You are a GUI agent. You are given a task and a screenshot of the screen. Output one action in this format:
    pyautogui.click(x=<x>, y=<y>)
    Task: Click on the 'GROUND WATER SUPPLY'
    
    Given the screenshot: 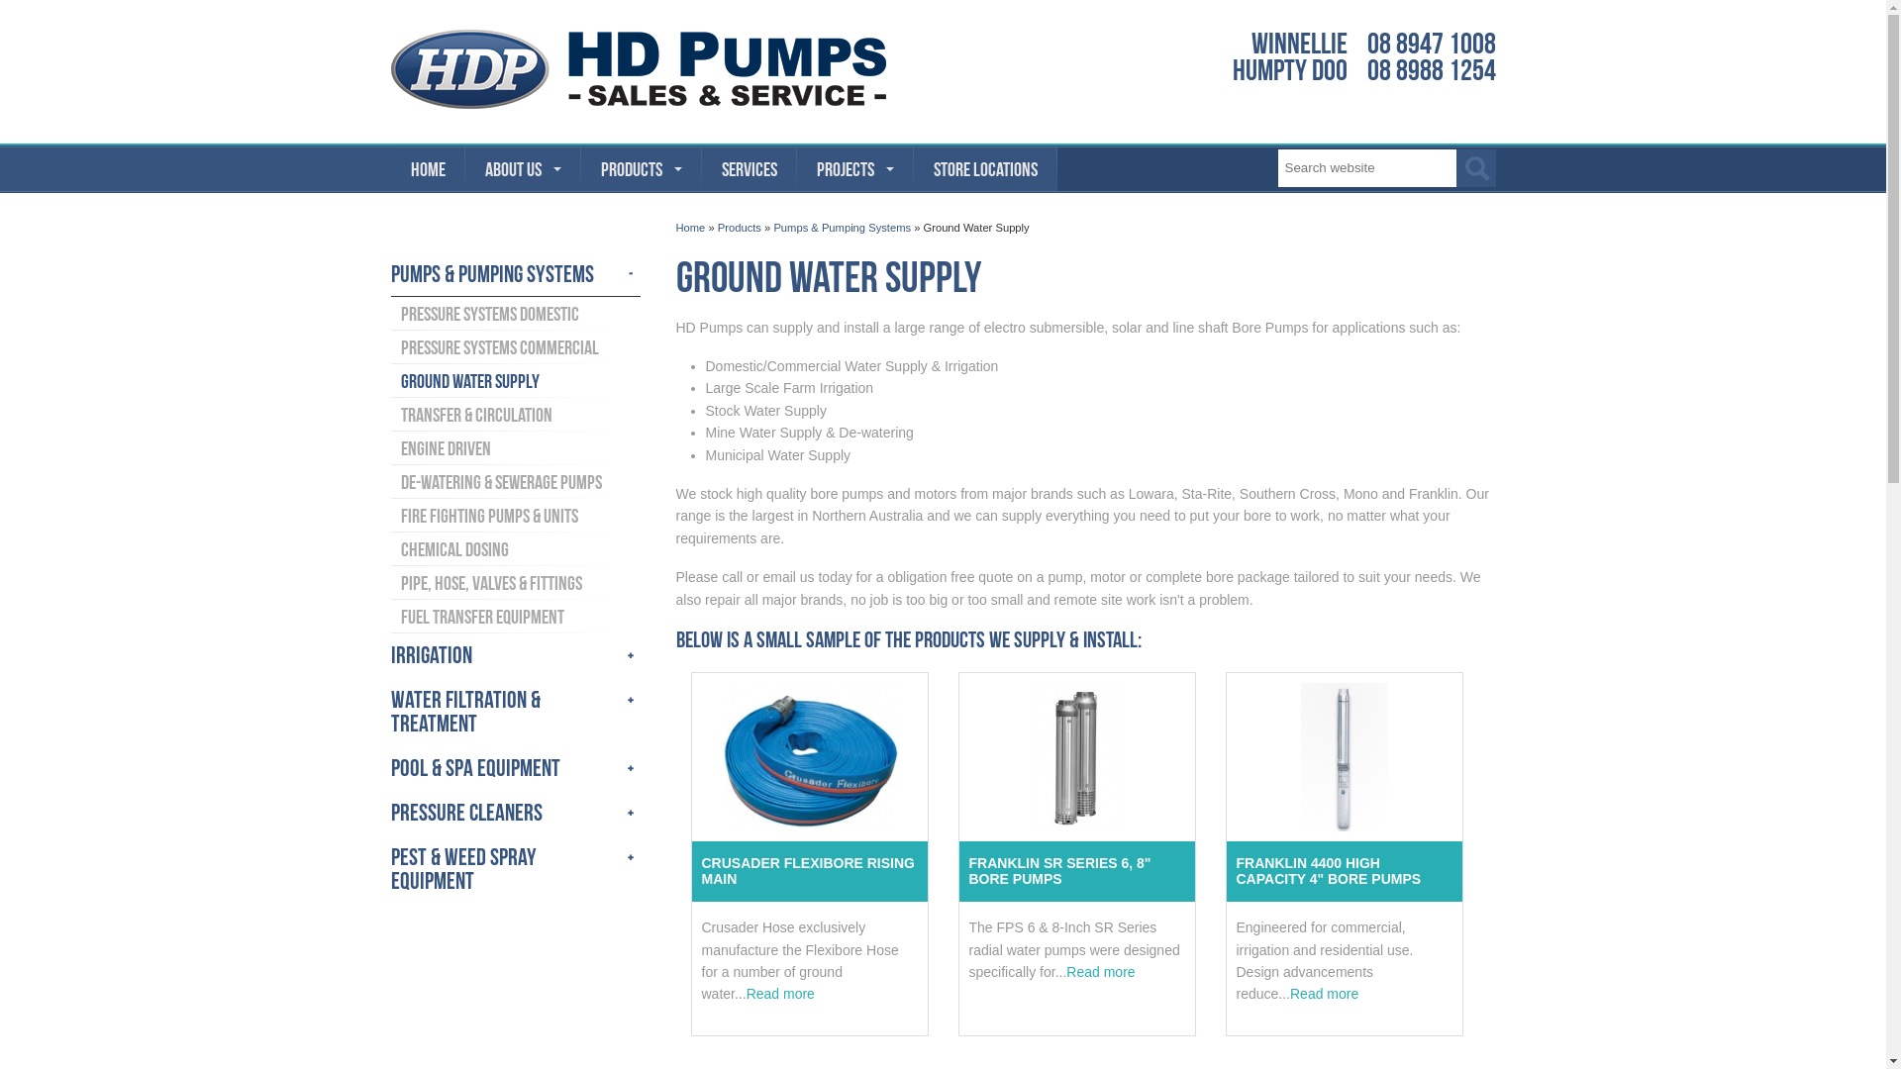 What is the action you would take?
    pyautogui.click(x=514, y=381)
    